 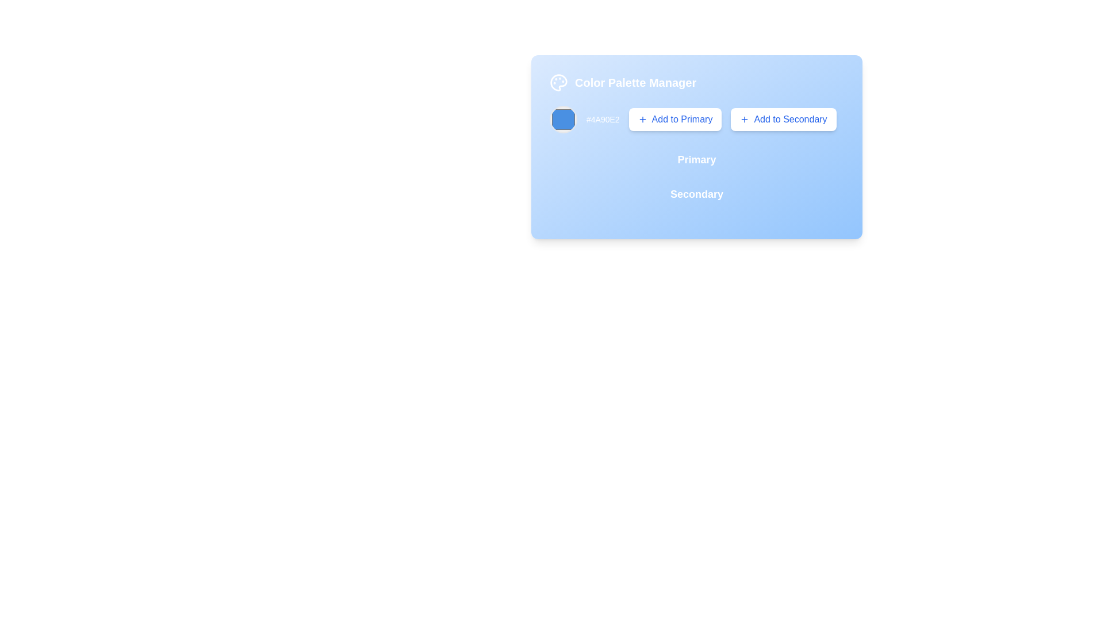 What do you see at coordinates (675, 120) in the screenshot?
I see `the 'Add to Primary' button, which is a rectangular button with rounded corners, featuring a white background and blue text, to observe styling changes` at bounding box center [675, 120].